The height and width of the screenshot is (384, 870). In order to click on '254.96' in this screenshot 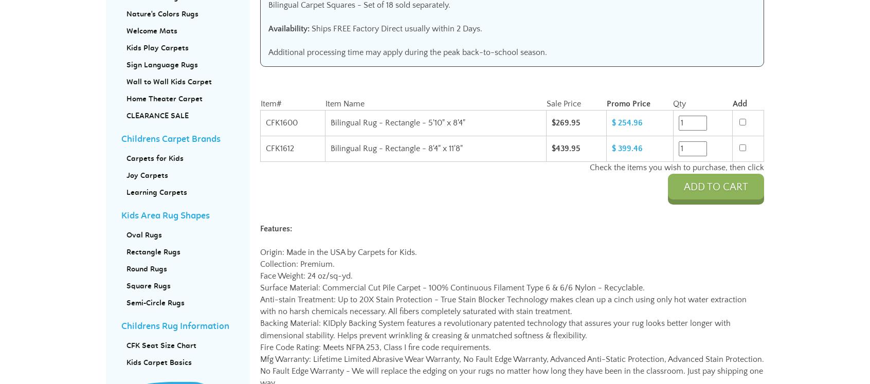, I will do `click(630, 122)`.